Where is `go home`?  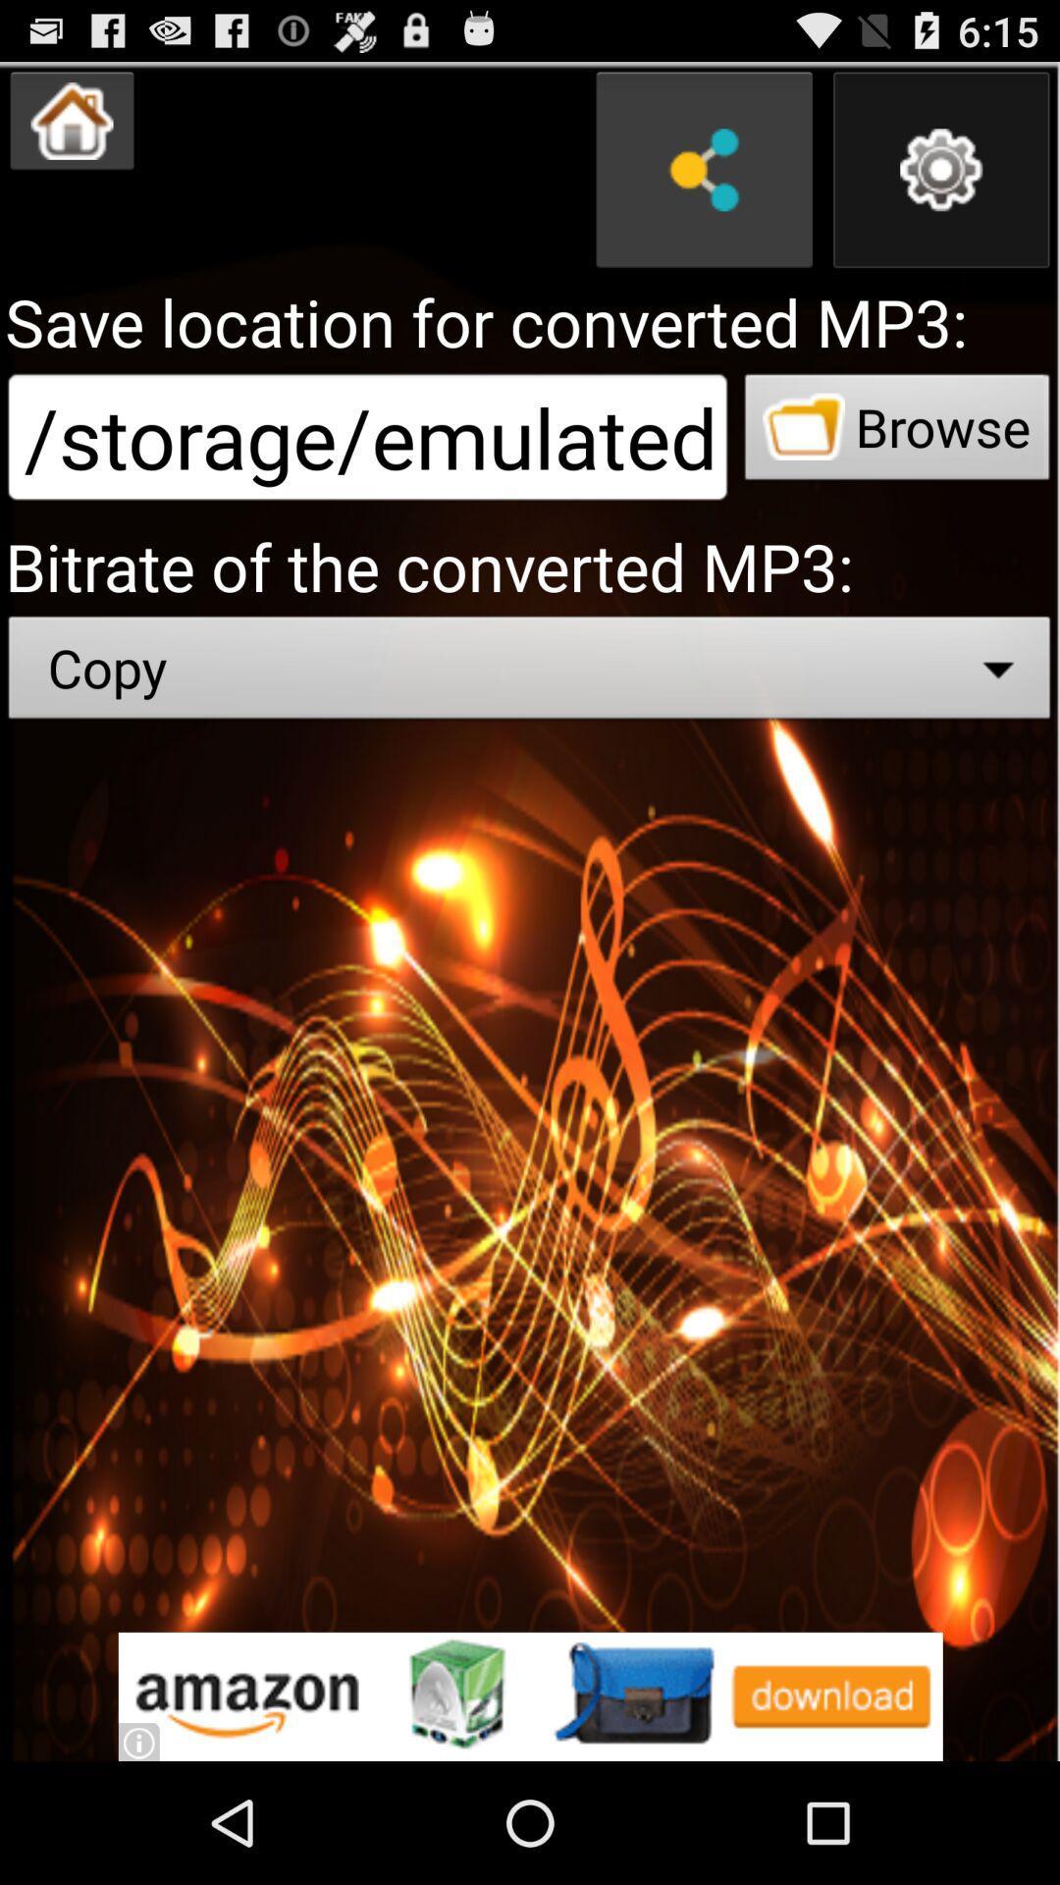
go home is located at coordinates (71, 120).